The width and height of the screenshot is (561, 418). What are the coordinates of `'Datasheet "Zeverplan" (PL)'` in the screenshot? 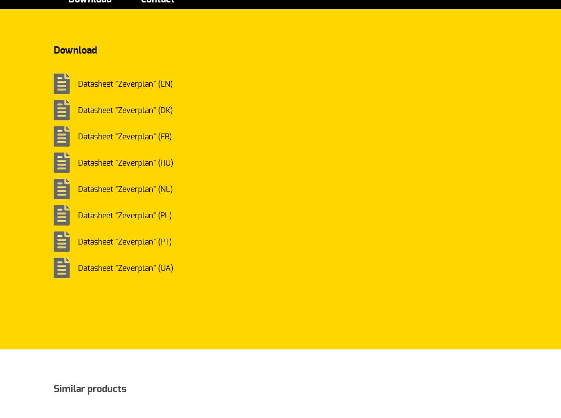 It's located at (124, 215).